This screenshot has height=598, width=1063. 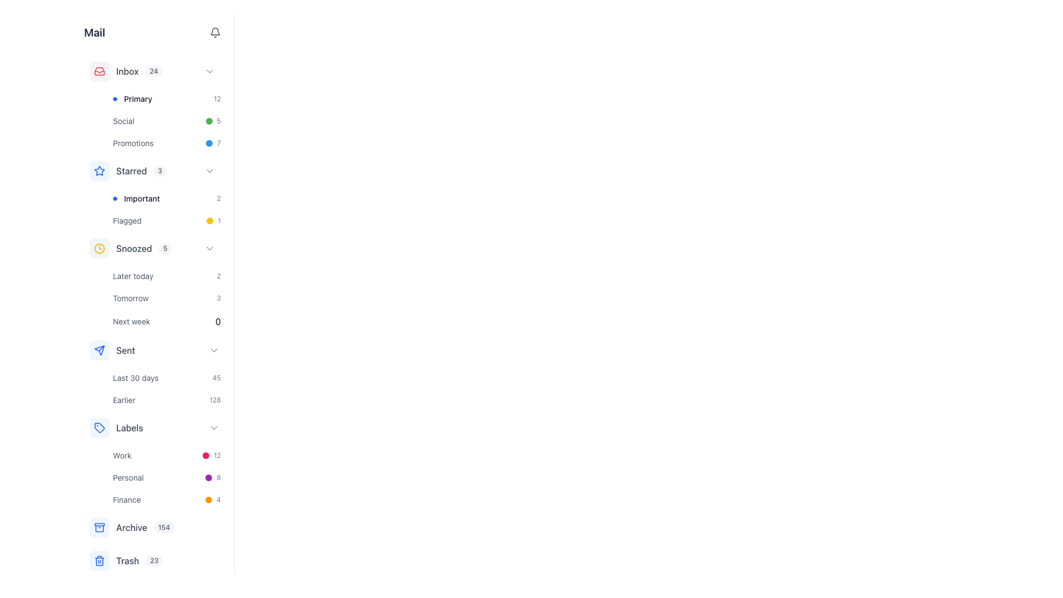 What do you see at coordinates (210, 71) in the screenshot?
I see `the toggle icon located in the rightmost section of the row labeled 'Inbox 24'` at bounding box center [210, 71].